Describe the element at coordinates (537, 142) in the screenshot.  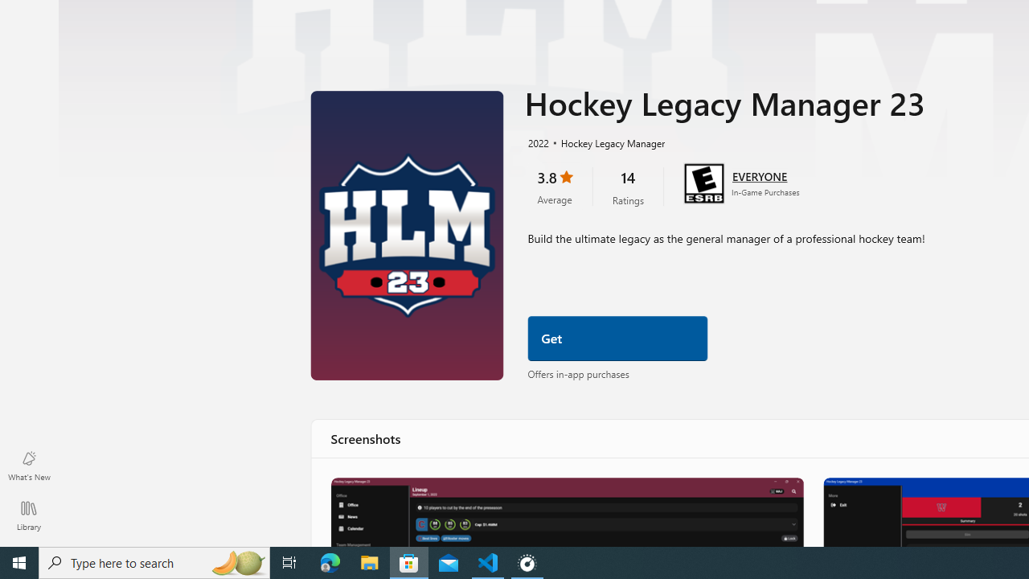
I see `'2022'` at that location.